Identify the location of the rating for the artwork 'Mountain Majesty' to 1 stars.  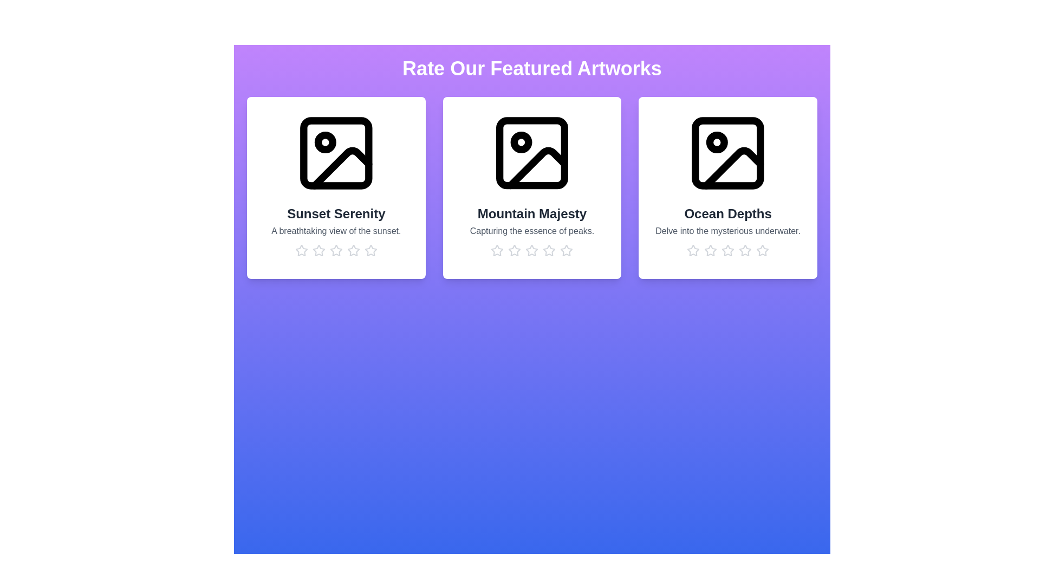
(497, 250).